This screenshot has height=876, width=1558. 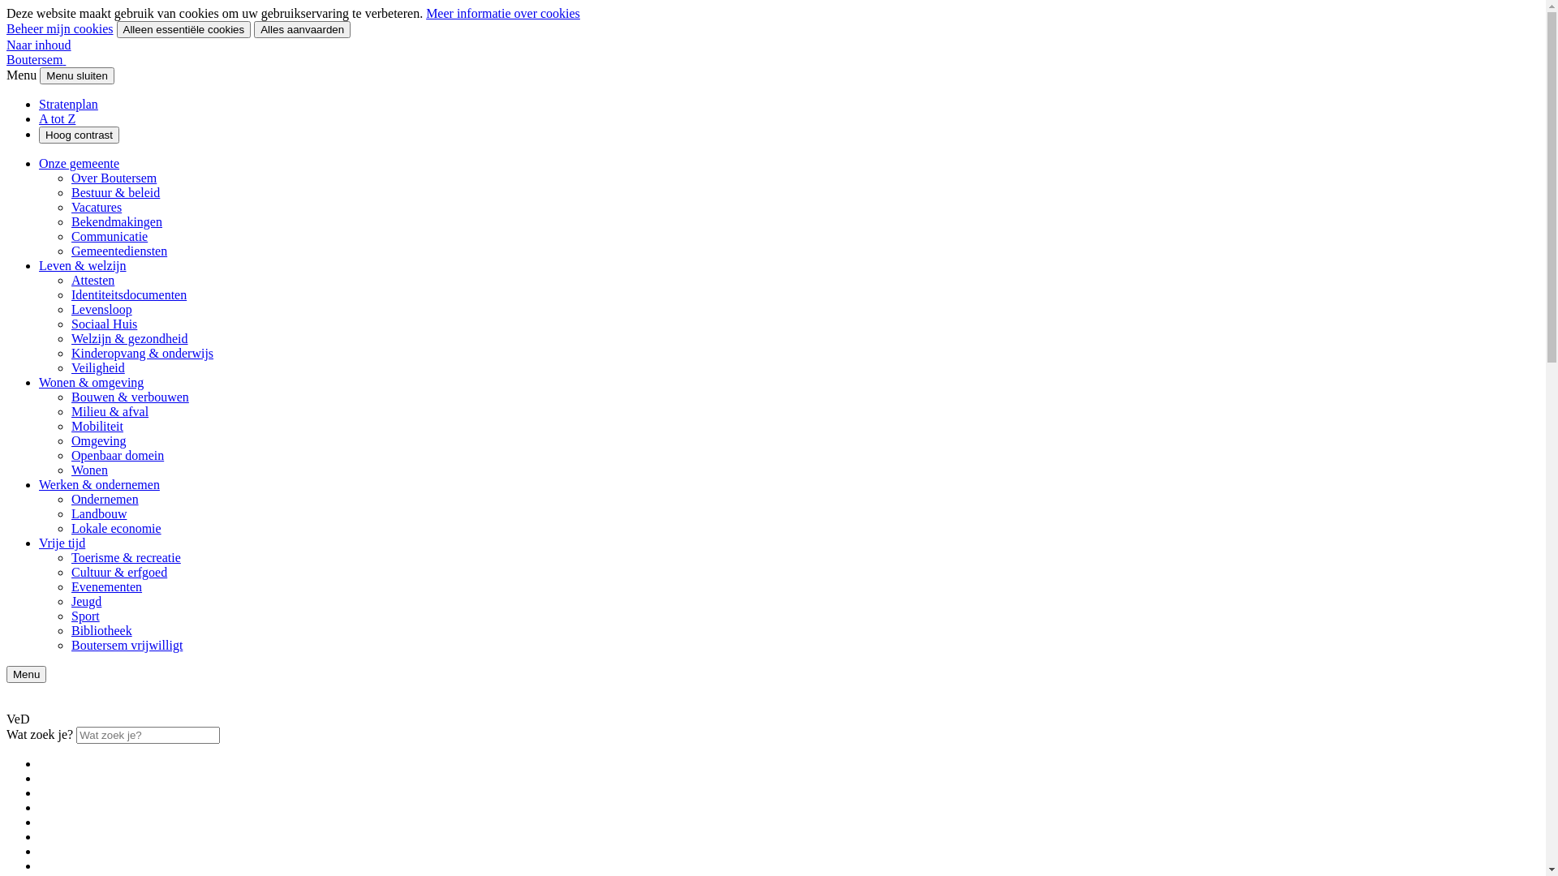 I want to click on 'A tot Z', so click(x=39, y=118).